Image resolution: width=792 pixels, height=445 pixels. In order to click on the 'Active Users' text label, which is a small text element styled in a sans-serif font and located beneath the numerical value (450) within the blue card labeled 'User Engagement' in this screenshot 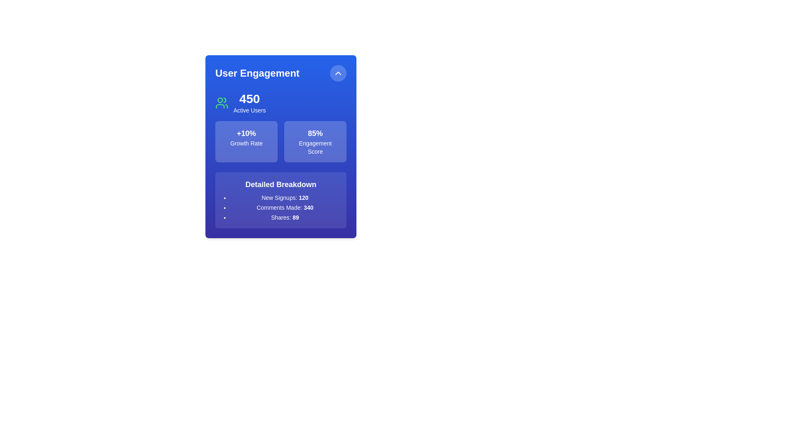, I will do `click(249, 110)`.